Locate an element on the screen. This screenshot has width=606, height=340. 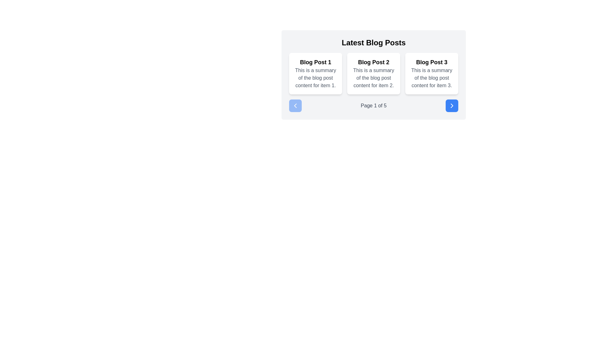
the Static Text displaying the summary for 'Blog Post 3', located within the card in the rightmost column, just below the heading is located at coordinates (431, 77).